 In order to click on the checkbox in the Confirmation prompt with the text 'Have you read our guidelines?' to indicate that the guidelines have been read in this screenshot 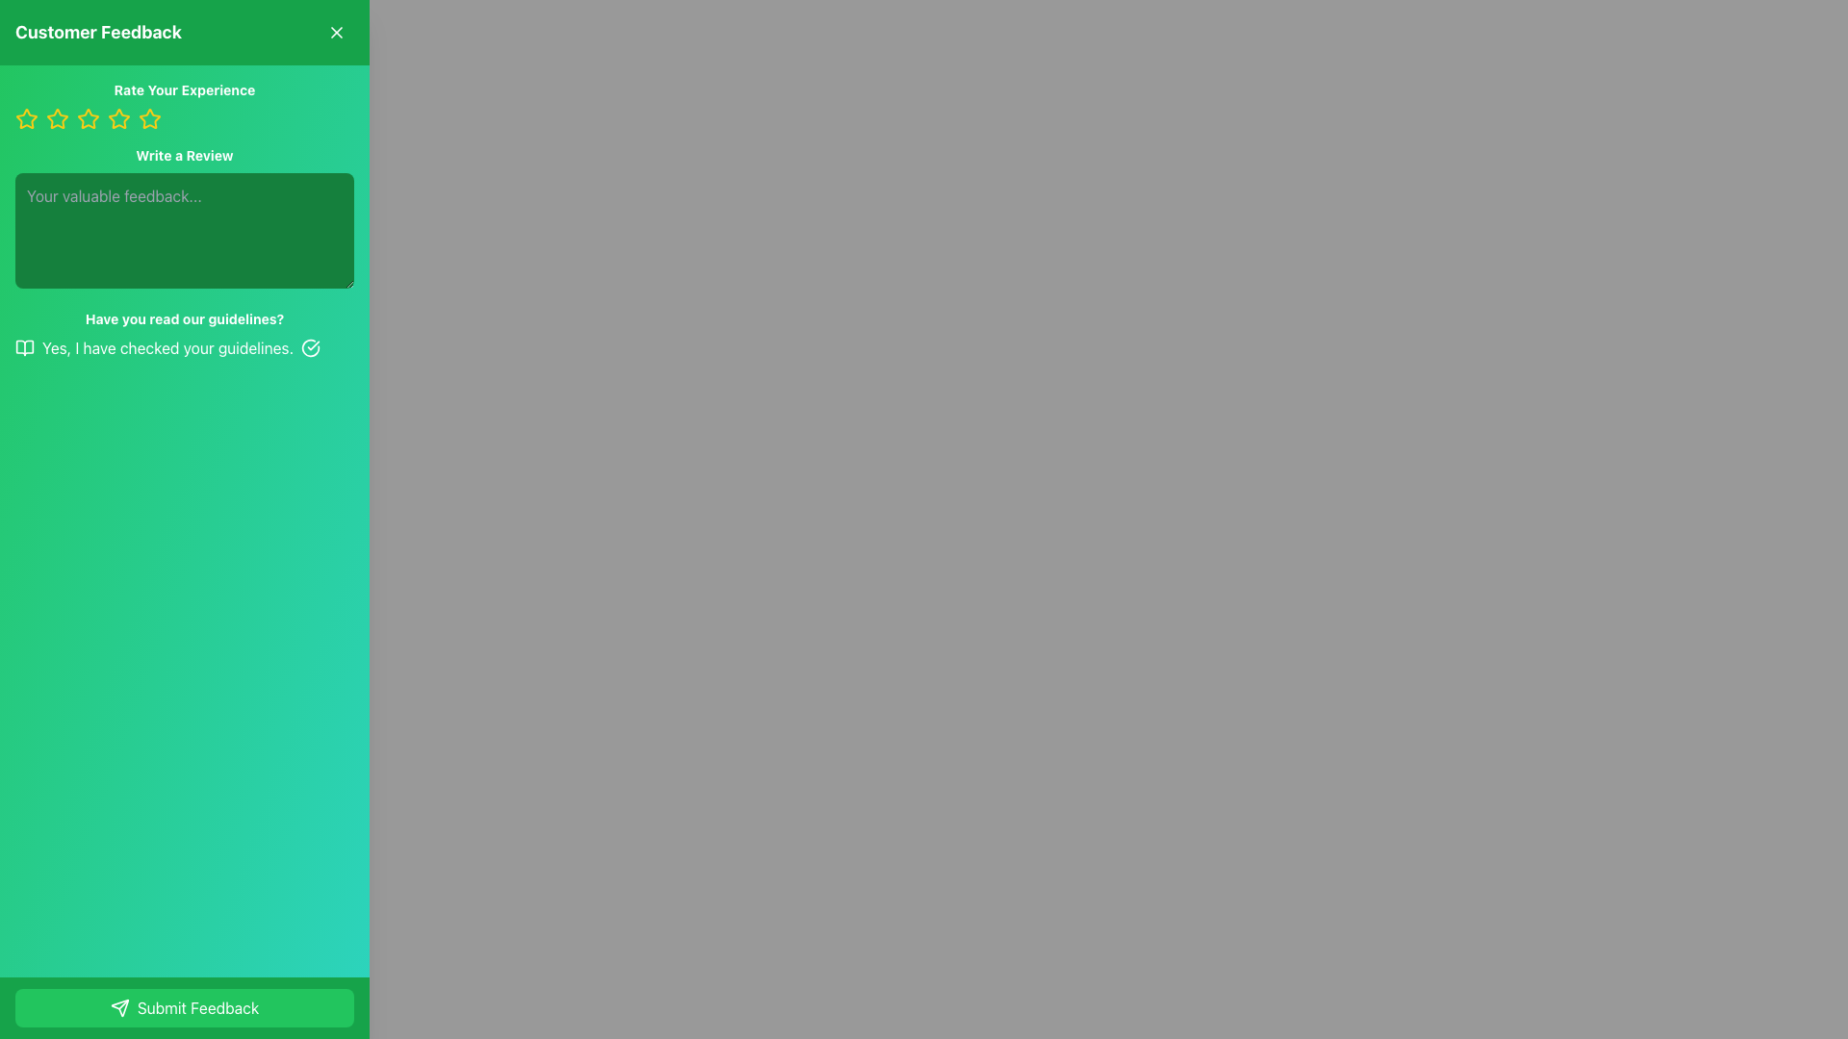, I will do `click(185, 333)`.